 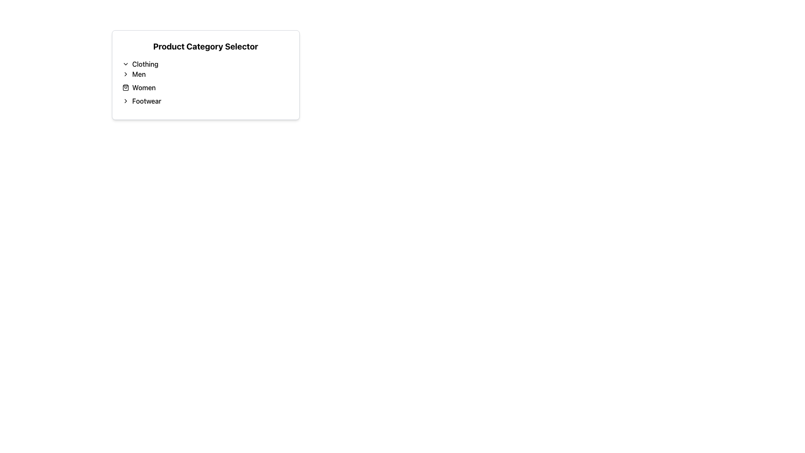 What do you see at coordinates (205, 81) in the screenshot?
I see `the Category Selector` at bounding box center [205, 81].